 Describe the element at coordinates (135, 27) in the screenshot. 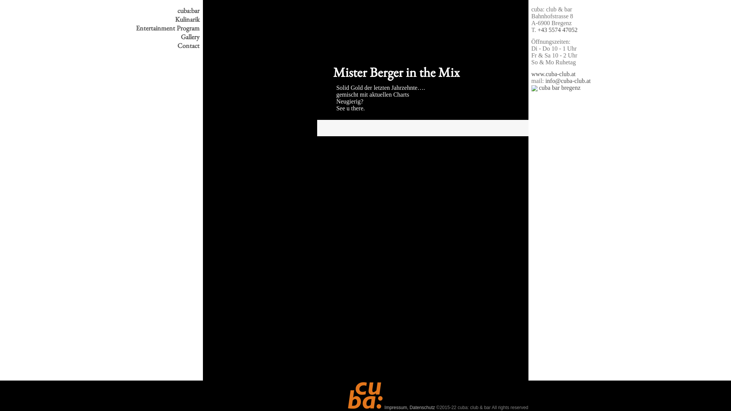

I see `'Entertainment Program'` at that location.